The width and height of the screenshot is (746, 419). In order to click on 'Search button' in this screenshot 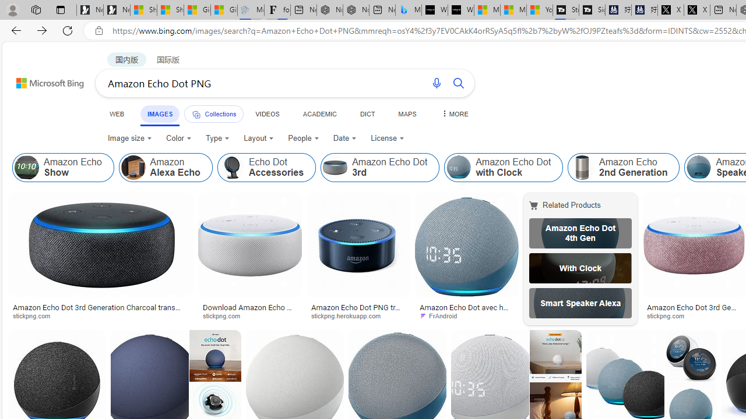, I will do `click(458, 82)`.